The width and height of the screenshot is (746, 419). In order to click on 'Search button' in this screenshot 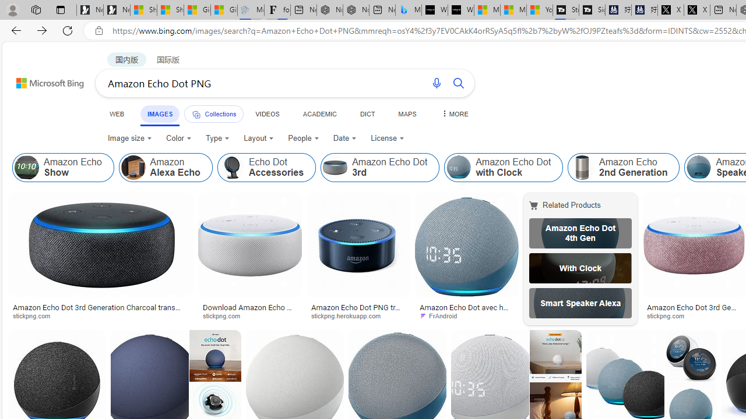, I will do `click(458, 82)`.